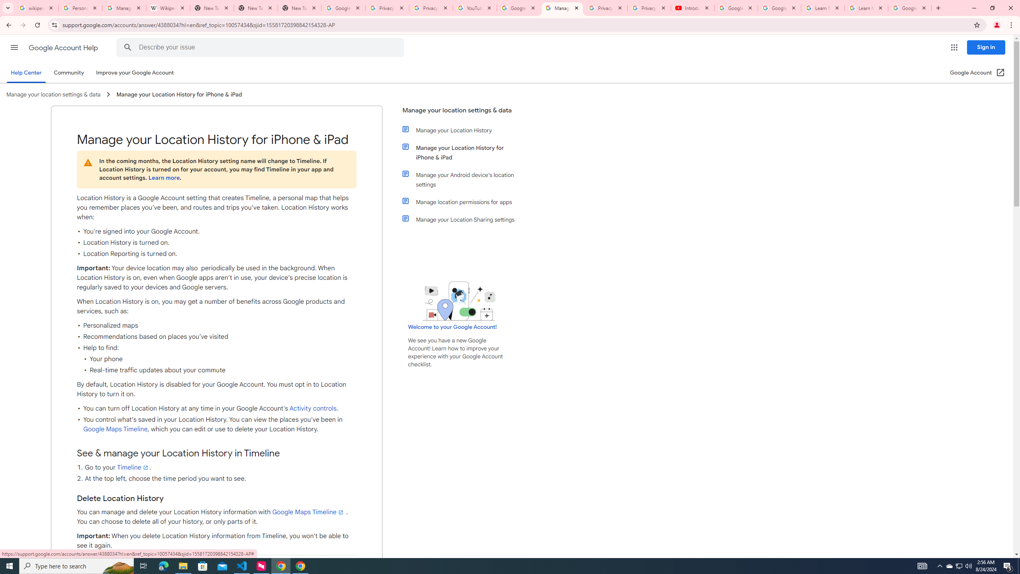 The height and width of the screenshot is (574, 1020). I want to click on 'Activity controls', so click(312, 409).